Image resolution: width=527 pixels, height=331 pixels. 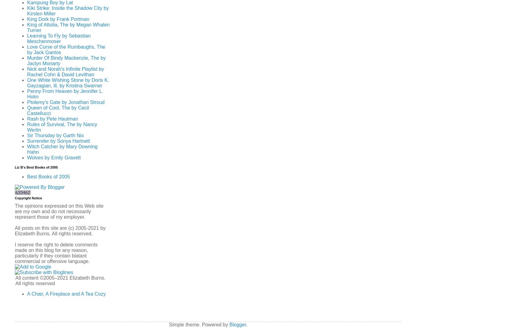 I want to click on 'Kampung Boy by Lat', so click(x=50, y=2).